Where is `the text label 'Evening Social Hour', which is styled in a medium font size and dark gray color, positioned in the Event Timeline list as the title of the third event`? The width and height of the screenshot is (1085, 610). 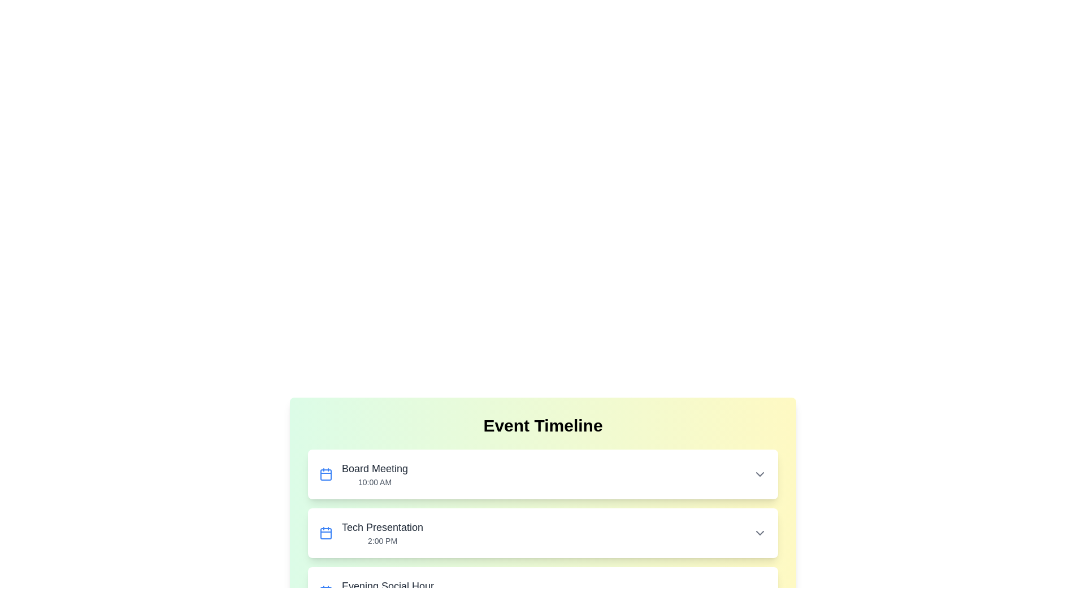
the text label 'Evening Social Hour', which is styled in a medium font size and dark gray color, positioned in the Event Timeline list as the title of the third event is located at coordinates (388, 585).